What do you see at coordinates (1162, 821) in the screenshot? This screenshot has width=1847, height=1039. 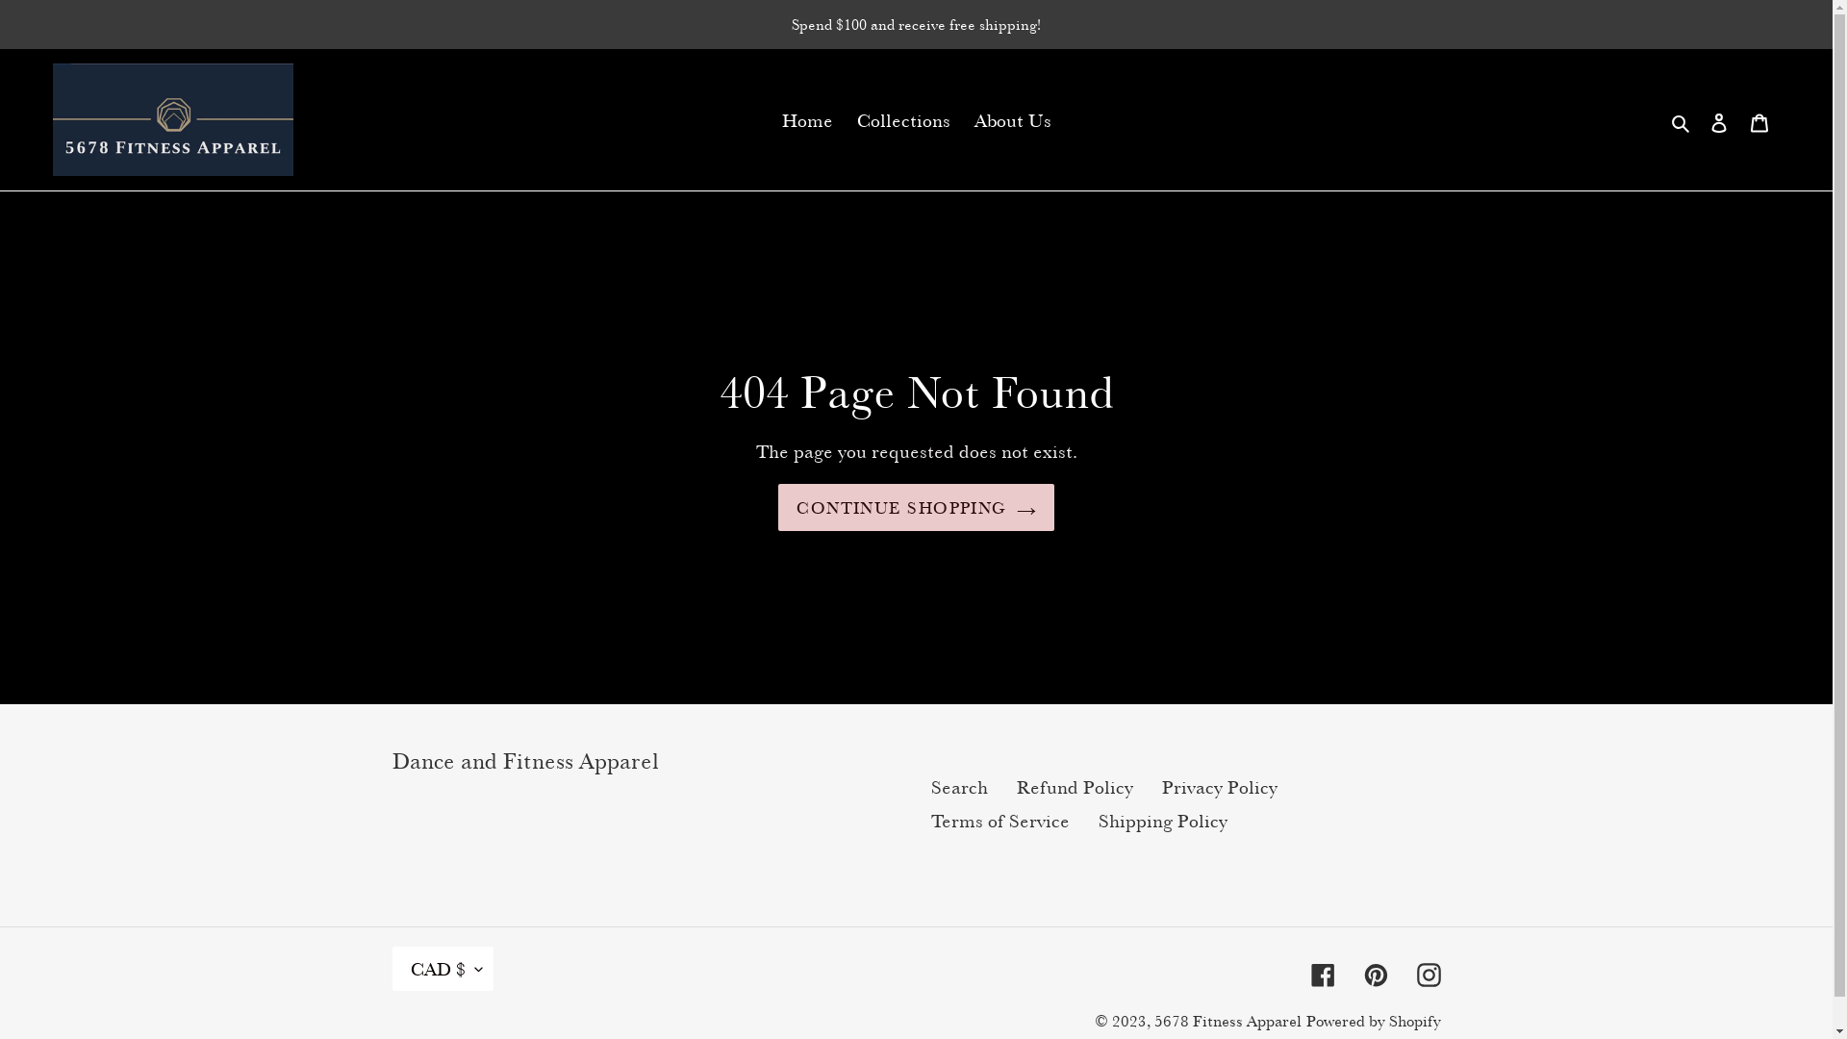 I see `'Shipping Policy'` at bounding box center [1162, 821].